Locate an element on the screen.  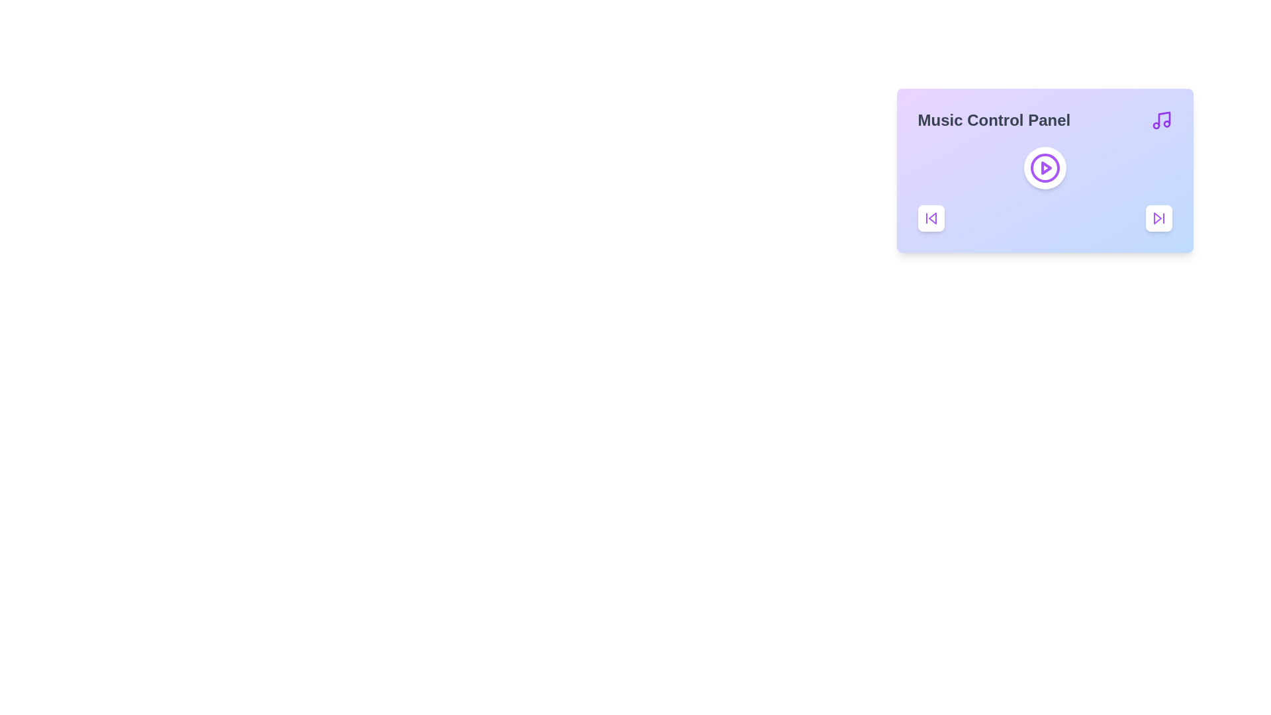
the 'next' or 'skip forward' button in the music playback interface for visual feedback effect is located at coordinates (1158, 218).